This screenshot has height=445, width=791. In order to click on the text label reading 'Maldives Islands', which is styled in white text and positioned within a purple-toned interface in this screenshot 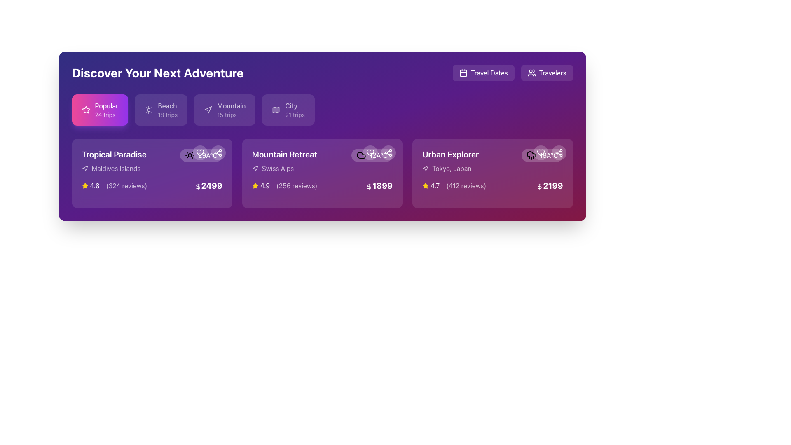, I will do `click(116, 168)`.